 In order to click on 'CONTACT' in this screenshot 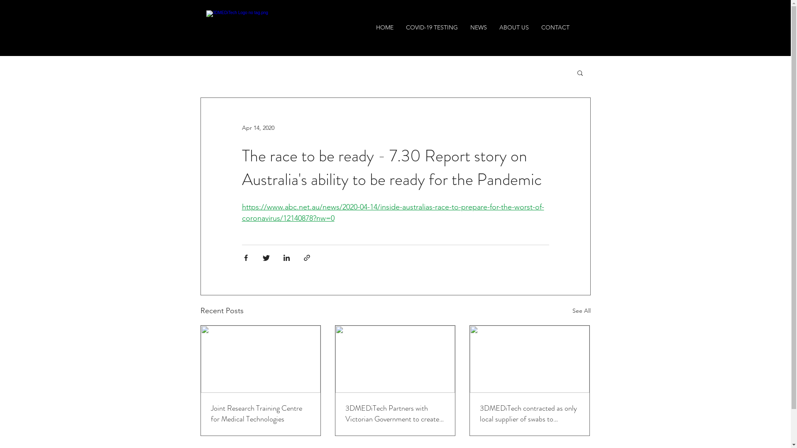, I will do `click(555, 27)`.